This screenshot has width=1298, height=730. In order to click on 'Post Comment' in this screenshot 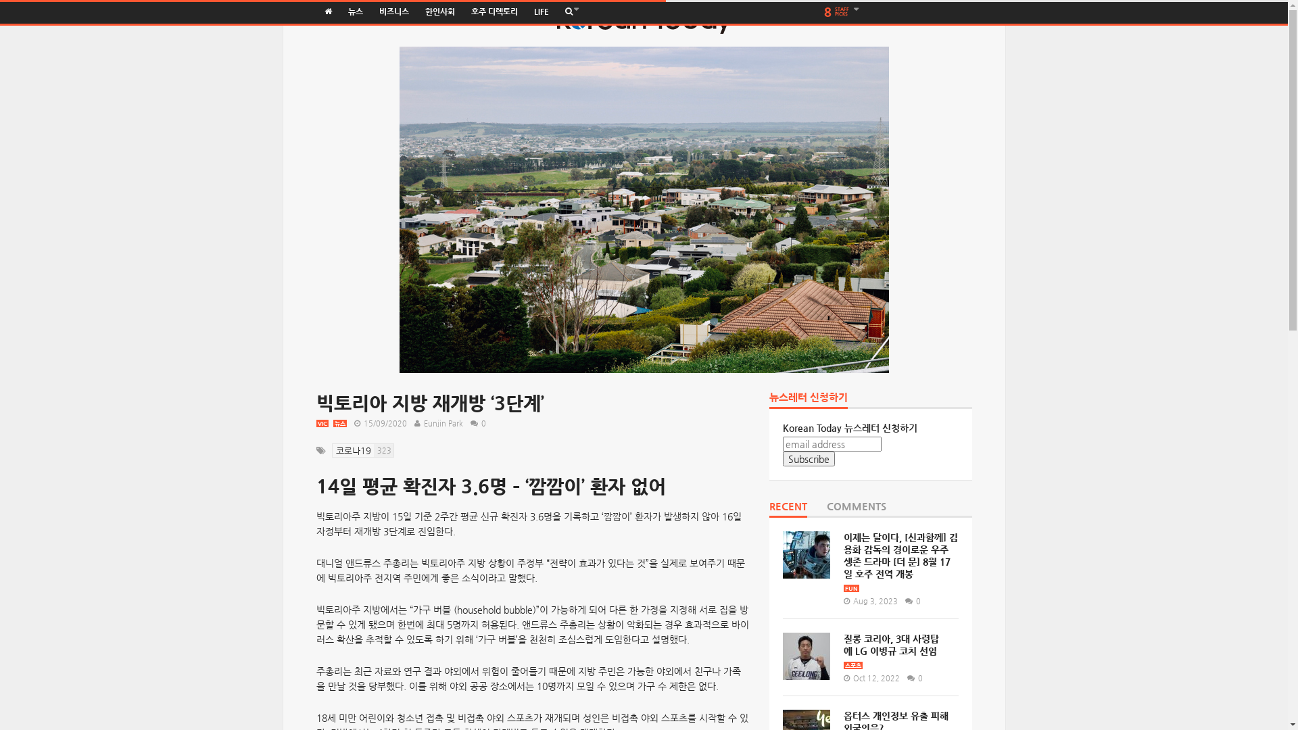, I will do `click(68, 7)`.